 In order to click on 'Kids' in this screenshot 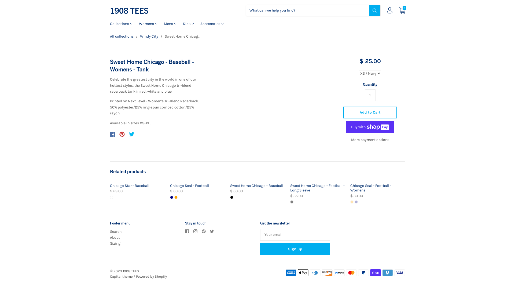, I will do `click(192, 23)`.